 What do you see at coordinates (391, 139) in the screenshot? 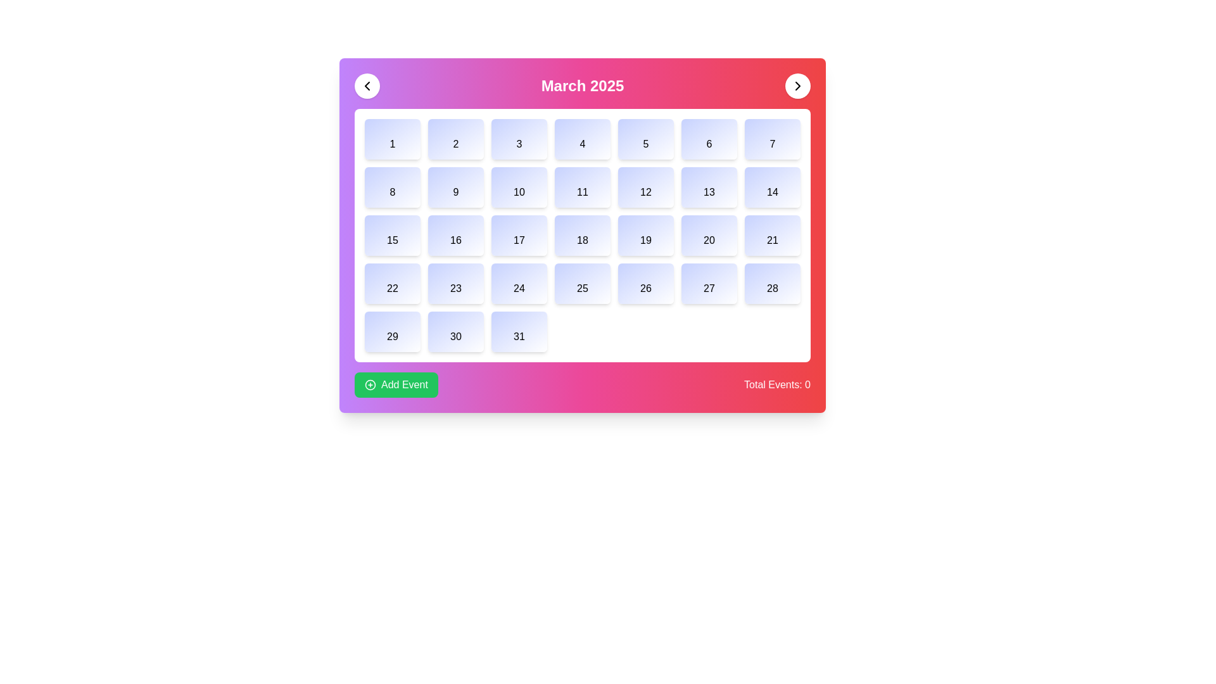
I see `the square-shaped label with a pastel gradient background and the bold numerical character '1' centered inside, located in the top-left corner of the grid layout` at bounding box center [391, 139].